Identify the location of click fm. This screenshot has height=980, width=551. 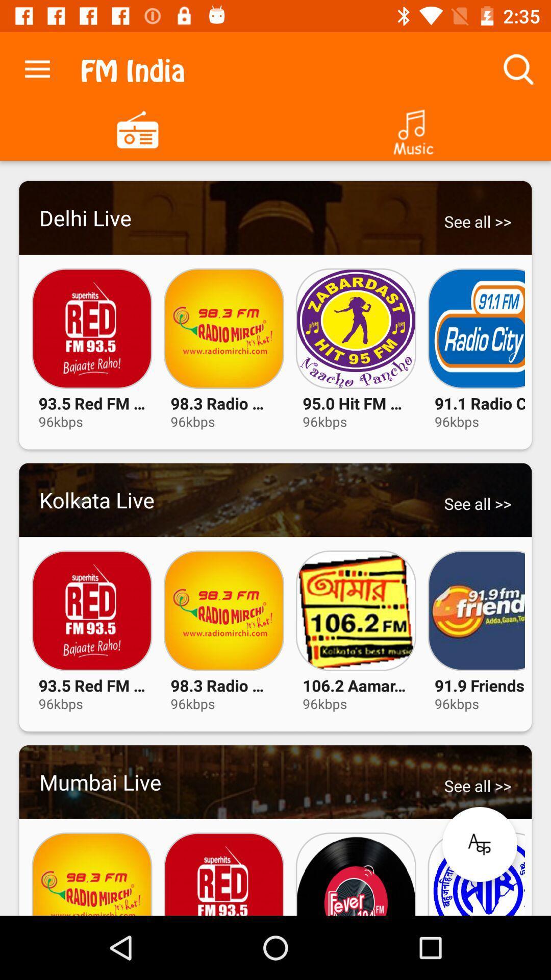
(138, 128).